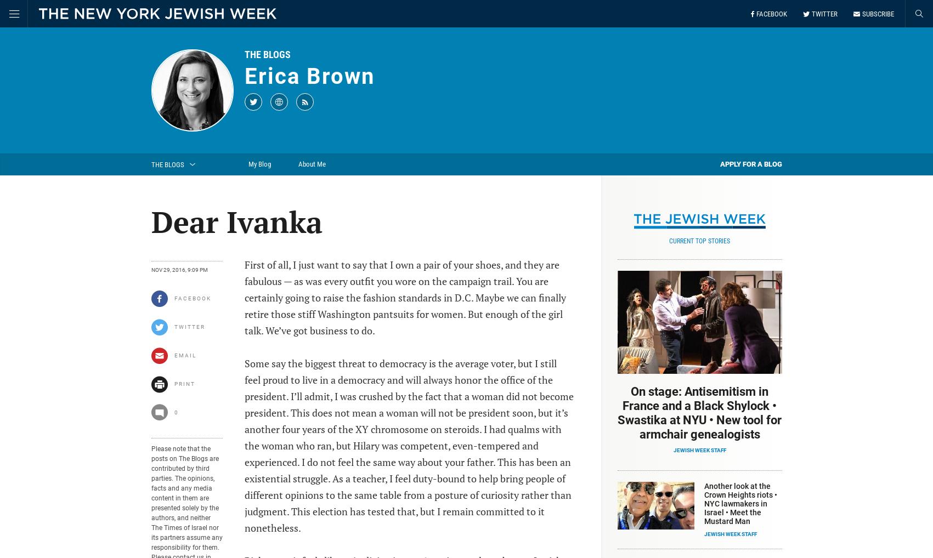 The image size is (933, 558). What do you see at coordinates (699, 240) in the screenshot?
I see `'Current Top Stories'` at bounding box center [699, 240].